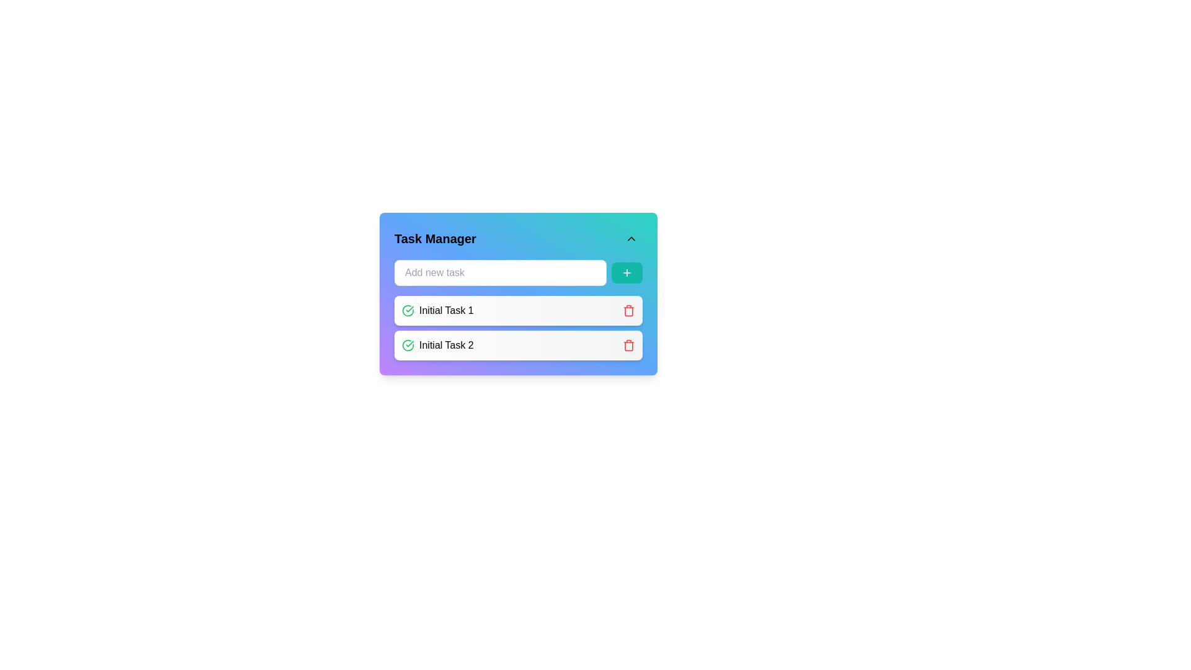 This screenshot has width=1191, height=670. What do you see at coordinates (631, 239) in the screenshot?
I see `the upward-pointing chevron icon located in the top right corner of the panel, which is embedded within a circular button above the task input field` at bounding box center [631, 239].